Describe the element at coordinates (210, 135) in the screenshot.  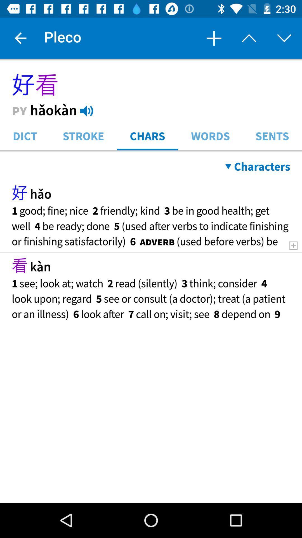
I see `words` at that location.